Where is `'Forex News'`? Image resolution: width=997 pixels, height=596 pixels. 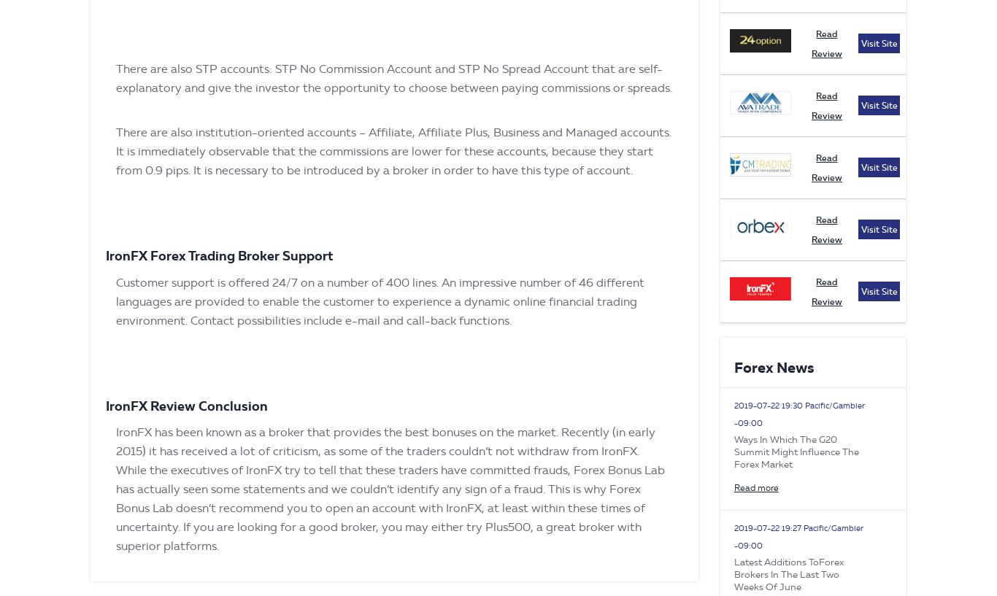 'Forex News' is located at coordinates (773, 366).